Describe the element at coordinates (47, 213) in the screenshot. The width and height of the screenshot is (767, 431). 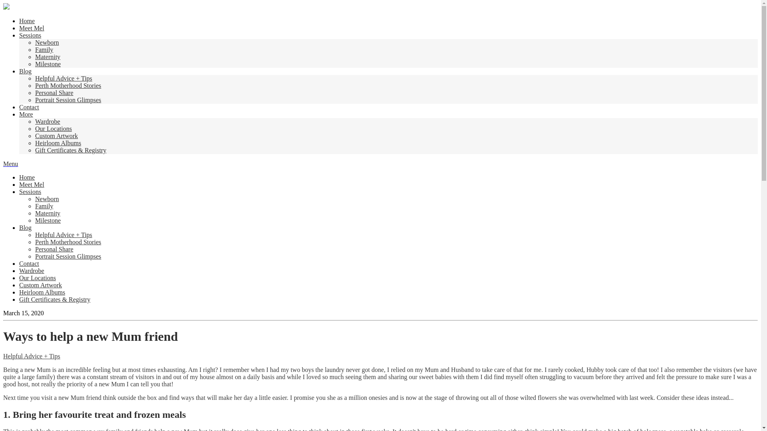
I see `'Maternity'` at that location.